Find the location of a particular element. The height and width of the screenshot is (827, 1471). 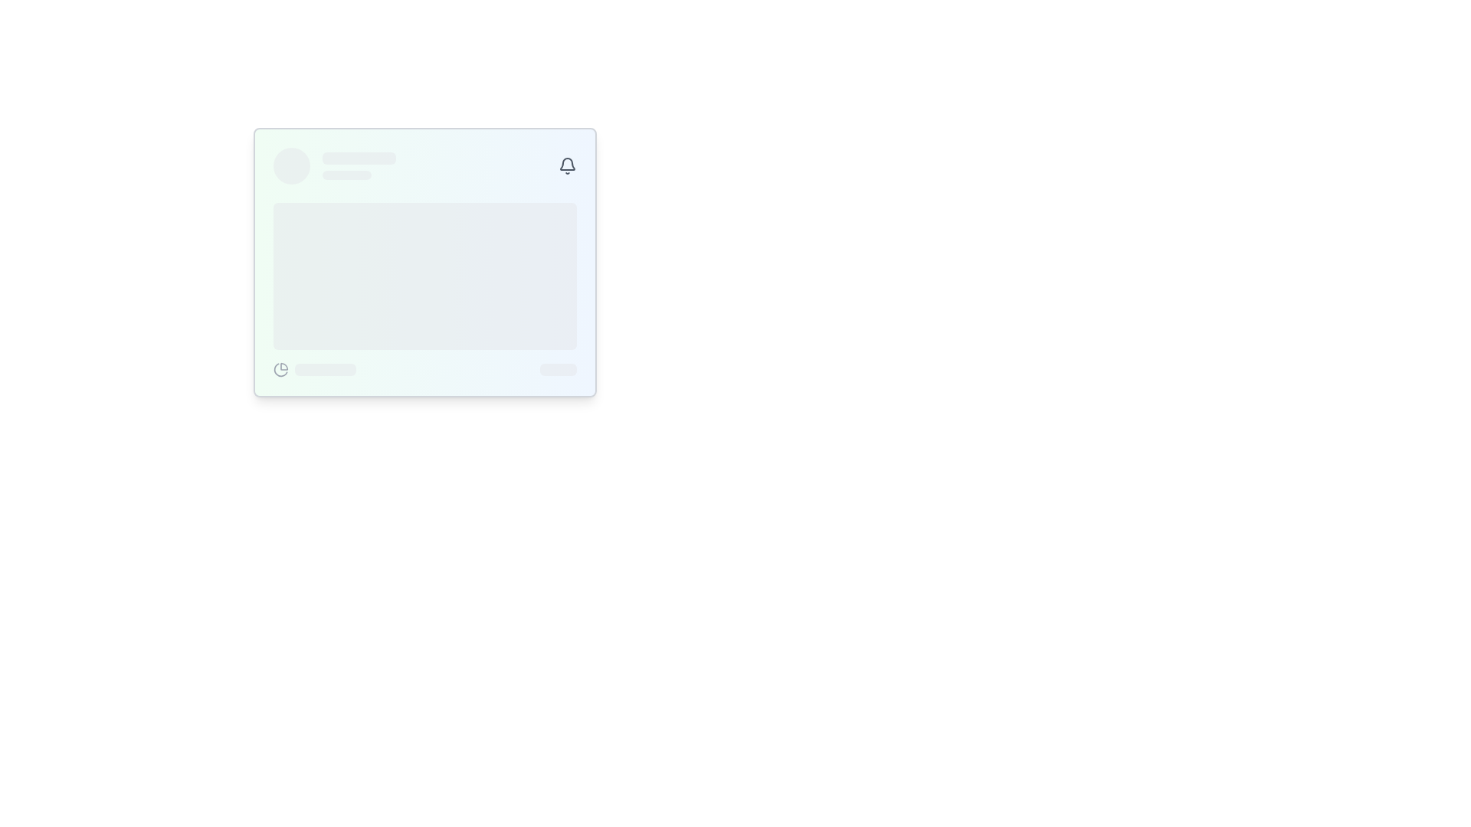

the bell icon in the top-right corner of the header to change its color is located at coordinates (566, 165).